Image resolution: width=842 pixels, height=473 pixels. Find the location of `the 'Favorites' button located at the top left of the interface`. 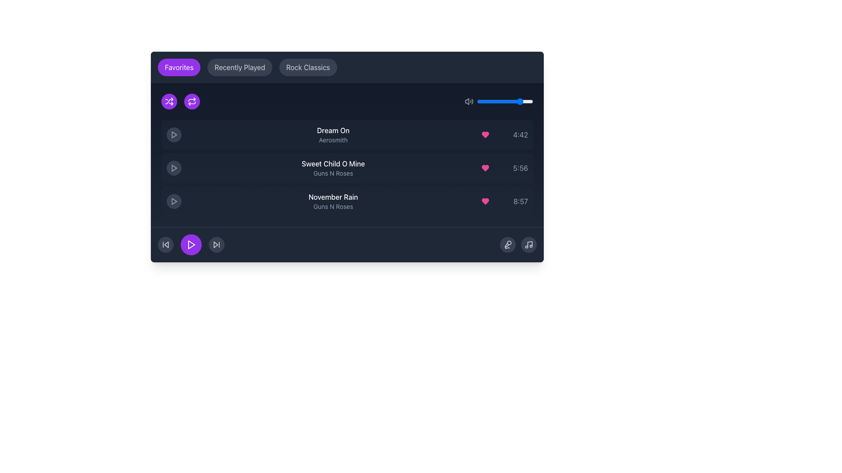

the 'Favorites' button located at the top left of the interface is located at coordinates (178, 67).